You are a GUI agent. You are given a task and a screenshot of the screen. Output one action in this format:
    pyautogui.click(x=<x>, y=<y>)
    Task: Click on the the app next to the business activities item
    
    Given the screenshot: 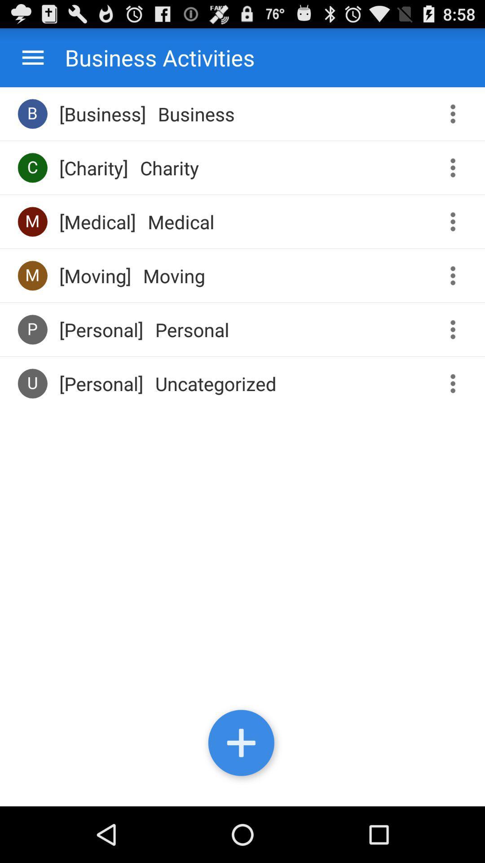 What is the action you would take?
    pyautogui.click(x=32, y=57)
    